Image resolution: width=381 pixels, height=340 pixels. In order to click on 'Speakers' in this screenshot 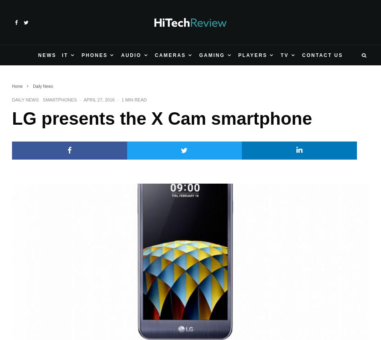, I will do `click(32, 152)`.